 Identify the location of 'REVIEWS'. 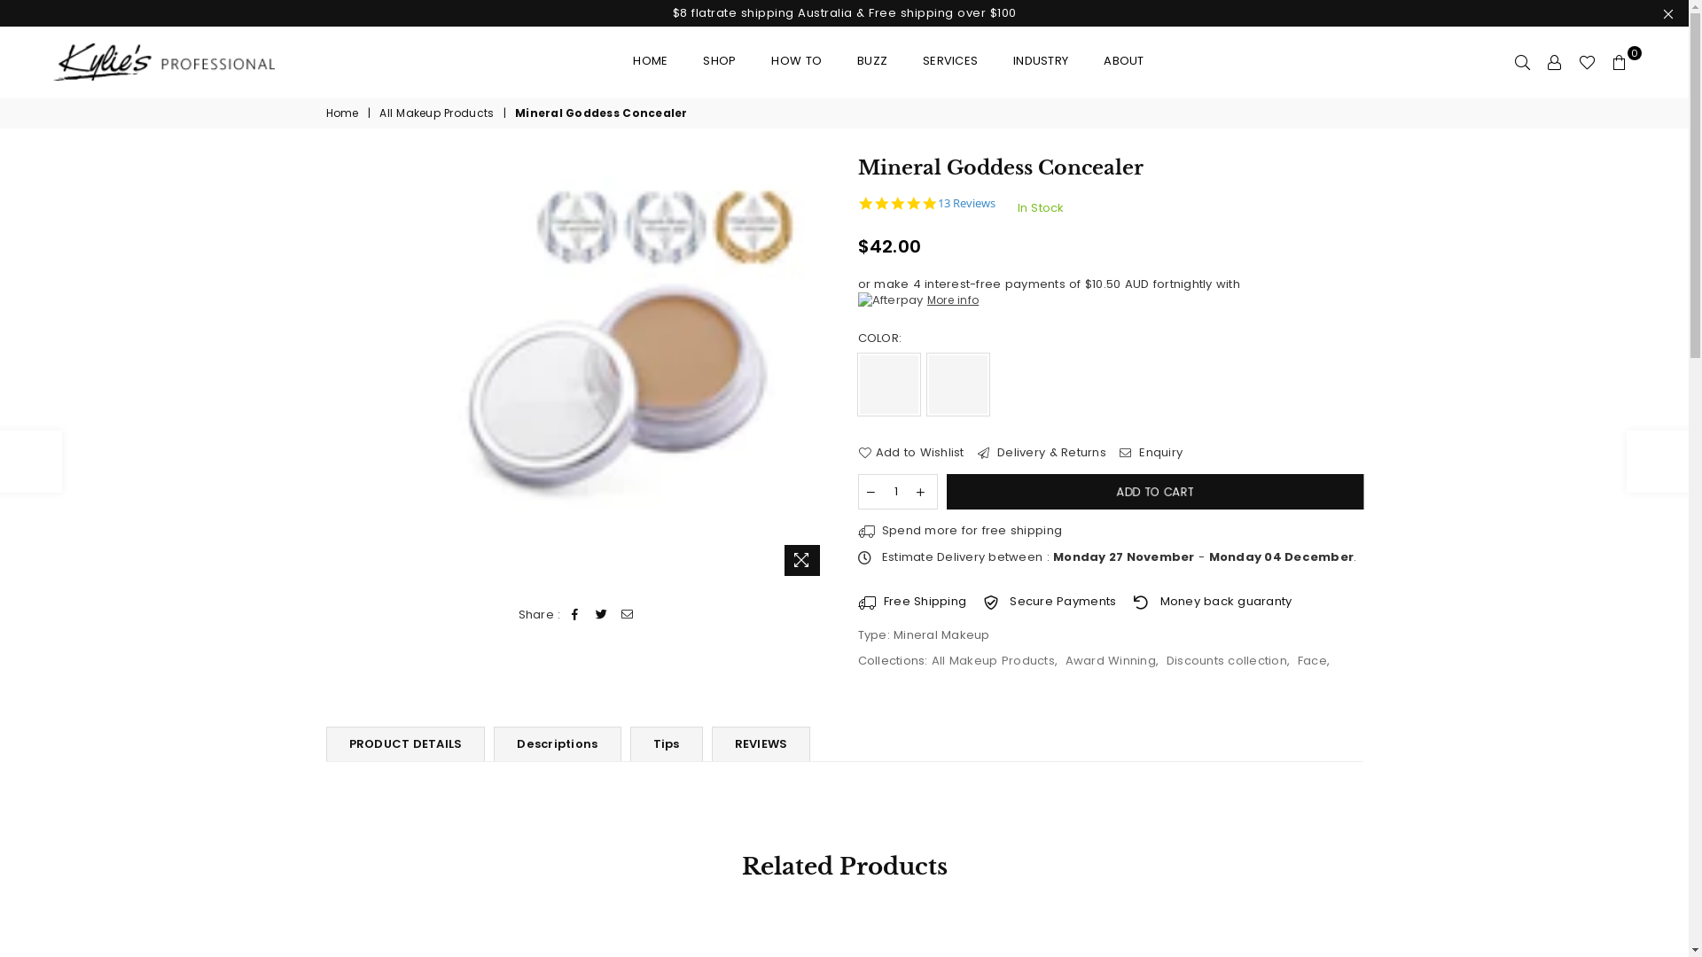
(761, 743).